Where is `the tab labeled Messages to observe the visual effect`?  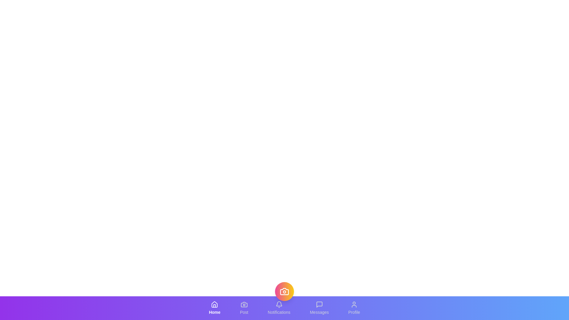
the tab labeled Messages to observe the visual effect is located at coordinates (319, 308).